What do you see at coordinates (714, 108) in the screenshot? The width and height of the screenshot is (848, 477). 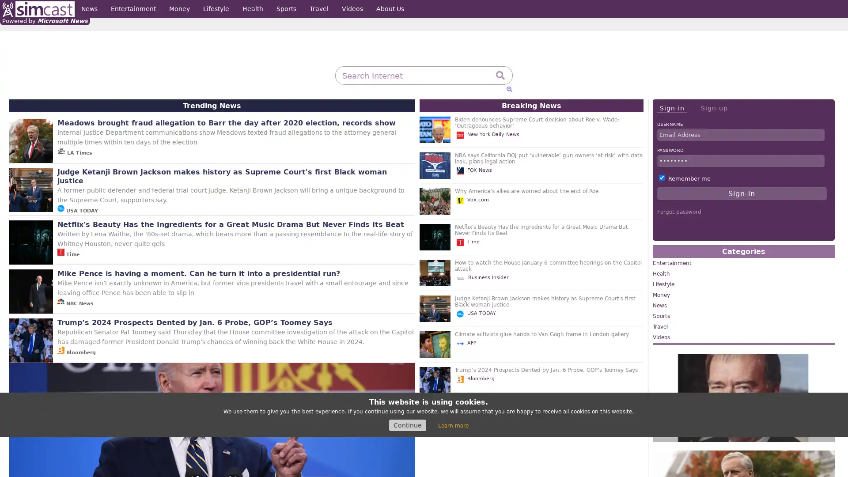 I see `Sign-up` at bounding box center [714, 108].